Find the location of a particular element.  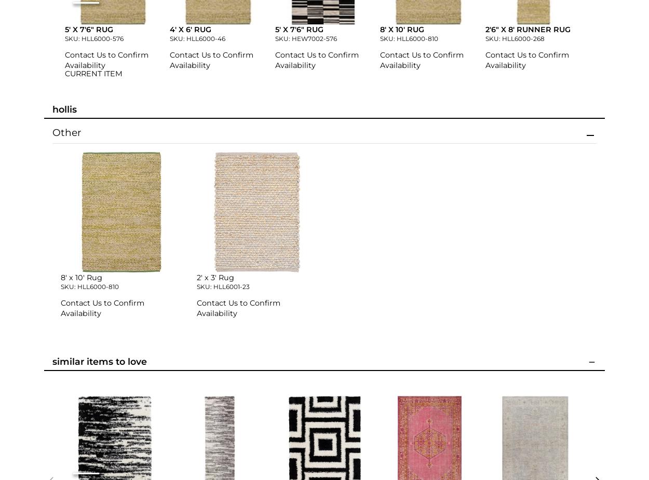

'2'6" x 8' Runner Rug' is located at coordinates (528, 28).